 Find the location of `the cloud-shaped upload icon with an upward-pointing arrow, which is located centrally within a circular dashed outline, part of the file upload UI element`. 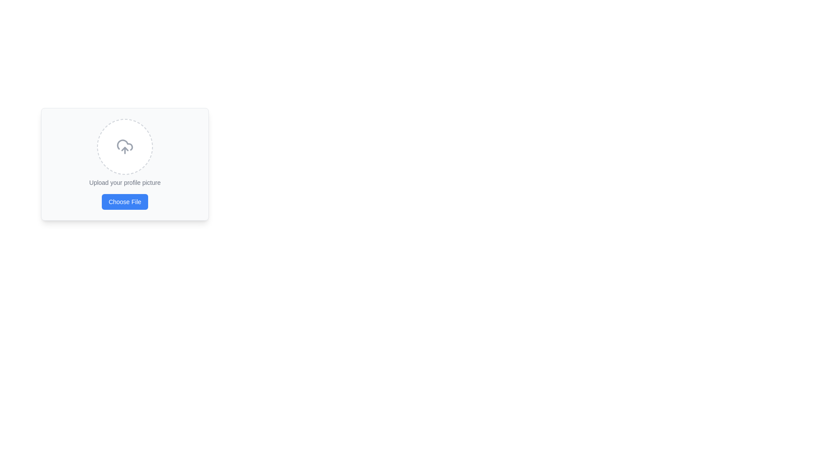

the cloud-shaped upload icon with an upward-pointing arrow, which is located centrally within a circular dashed outline, part of the file upload UI element is located at coordinates (124, 146).